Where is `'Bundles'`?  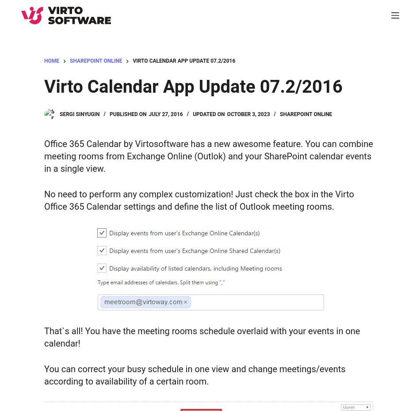
'Bundles' is located at coordinates (37, 152).